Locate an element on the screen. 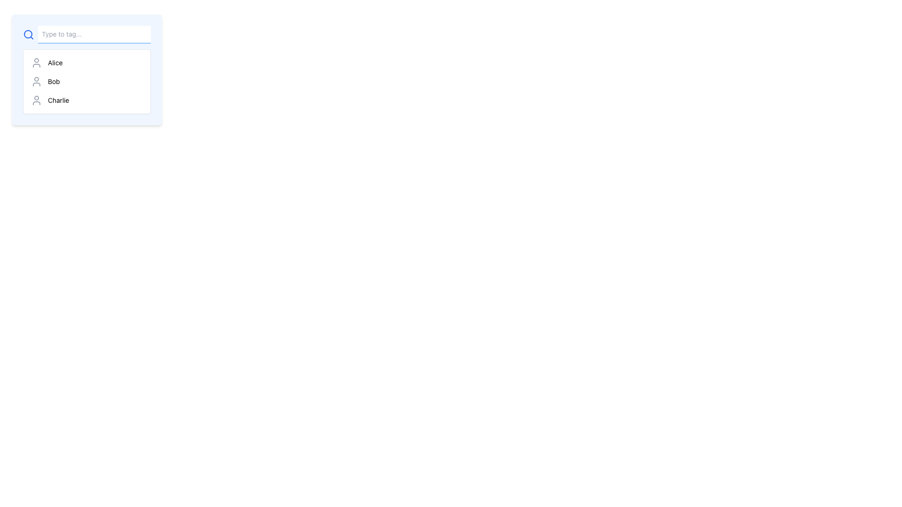  the user icon located adjacent to the text 'Charlie' is located at coordinates (36, 100).